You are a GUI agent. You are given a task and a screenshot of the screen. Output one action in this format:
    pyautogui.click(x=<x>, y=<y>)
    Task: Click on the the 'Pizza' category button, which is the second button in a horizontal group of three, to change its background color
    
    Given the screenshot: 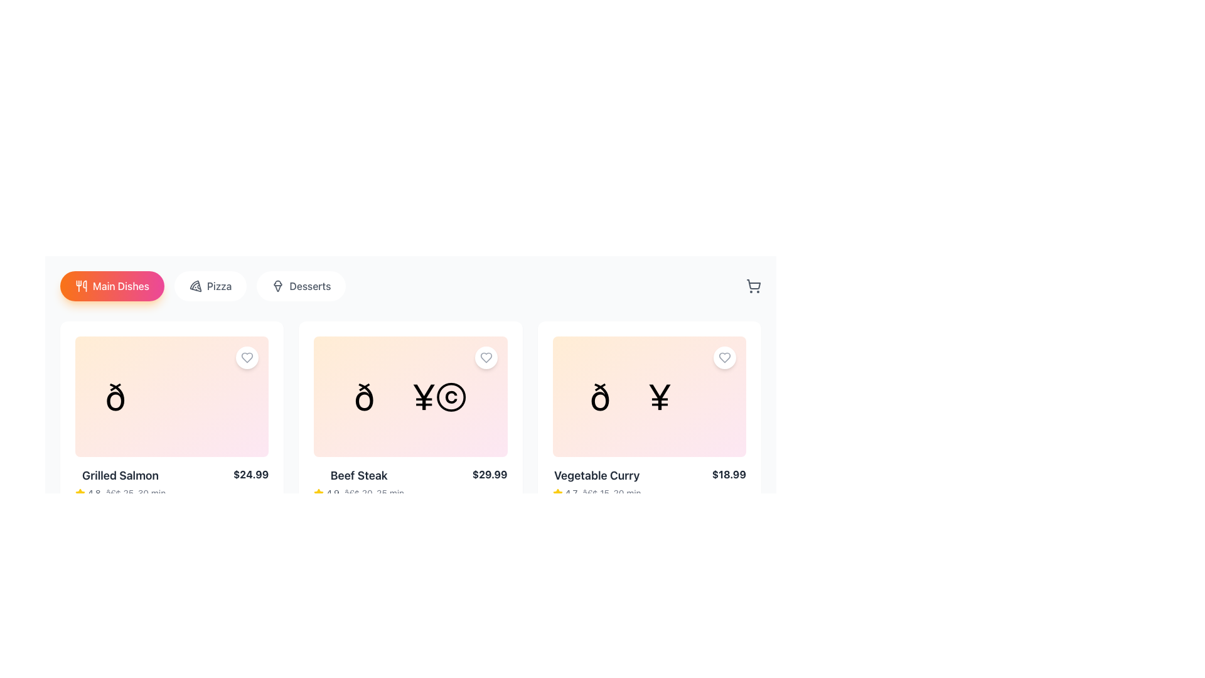 What is the action you would take?
    pyautogui.click(x=210, y=286)
    